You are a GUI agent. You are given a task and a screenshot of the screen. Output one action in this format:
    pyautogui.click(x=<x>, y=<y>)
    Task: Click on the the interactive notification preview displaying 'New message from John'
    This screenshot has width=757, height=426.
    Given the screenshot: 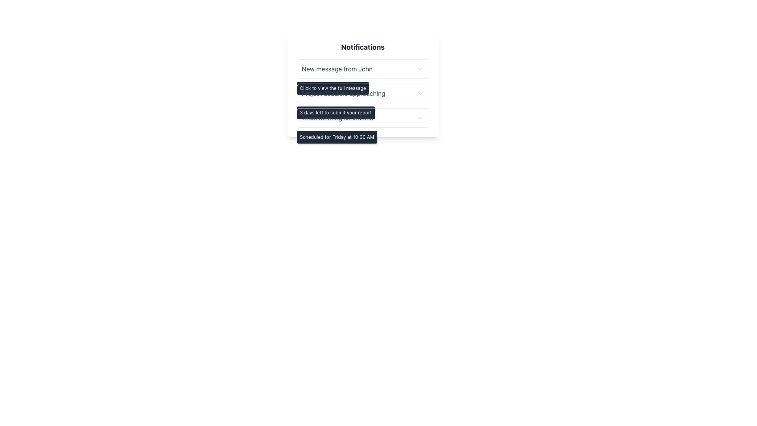 What is the action you would take?
    pyautogui.click(x=362, y=68)
    